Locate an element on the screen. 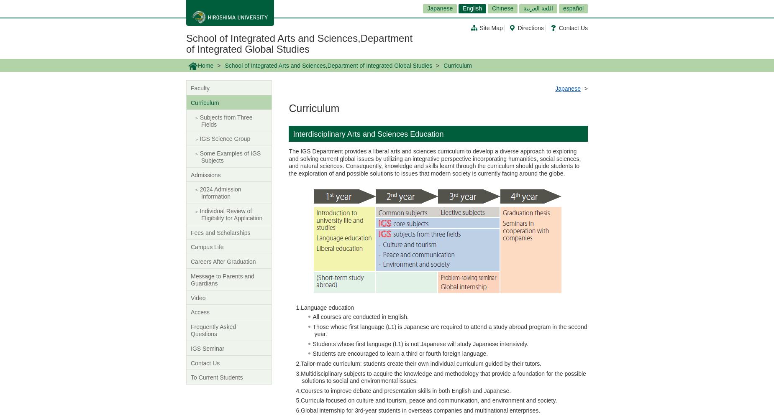 Image resolution: width=774 pixels, height=418 pixels. 'Students whose first language (L1) is not Japanese will study Japanese intensively.' is located at coordinates (420, 343).